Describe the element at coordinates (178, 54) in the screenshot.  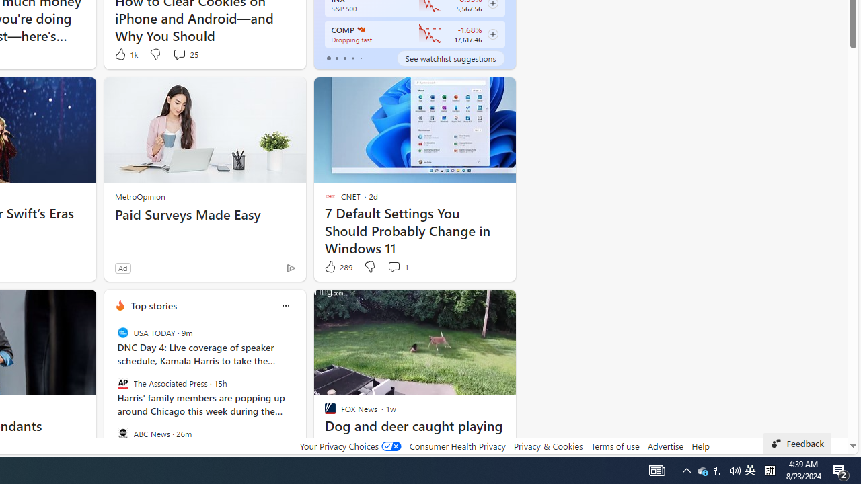
I see `'View comments 25 Comment'` at that location.